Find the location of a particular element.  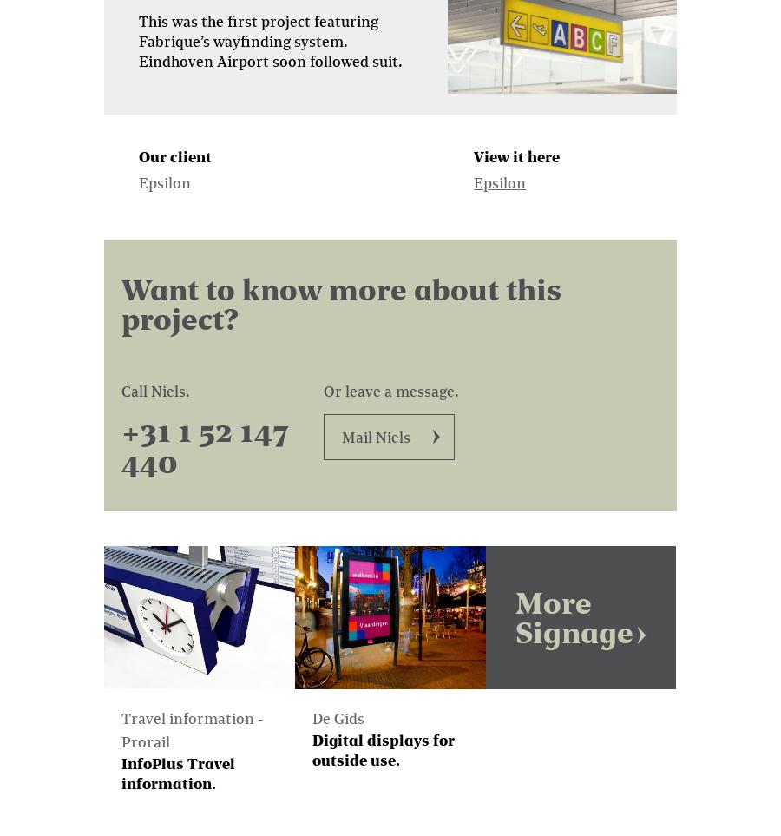

'Call Niels.' is located at coordinates (155, 389).